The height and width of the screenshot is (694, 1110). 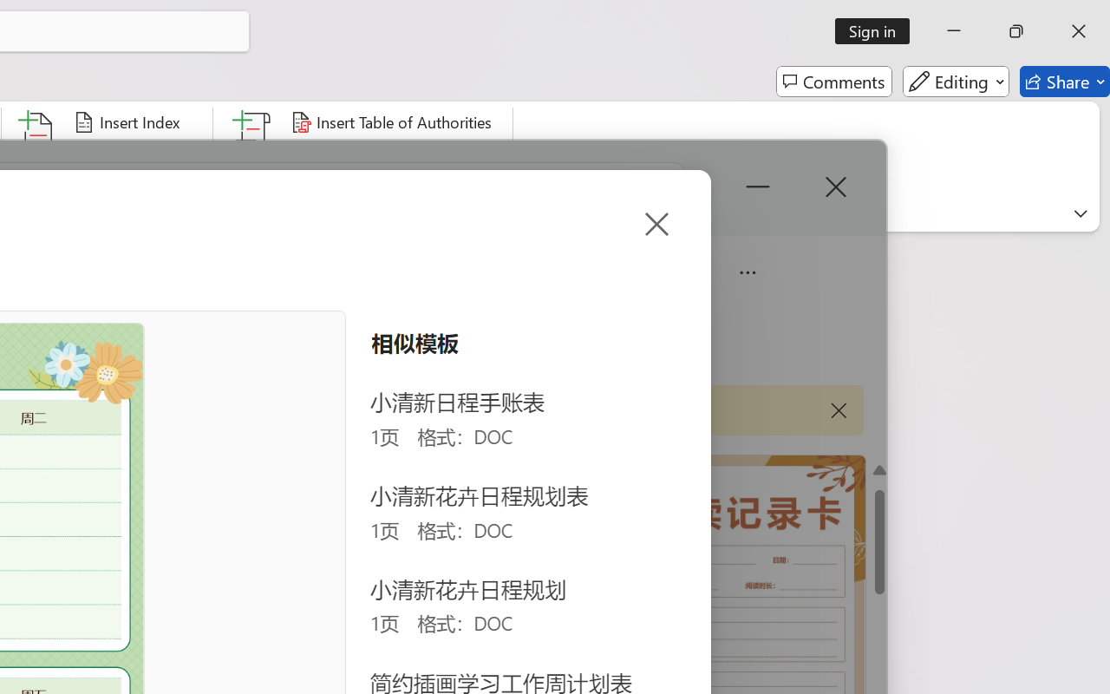 What do you see at coordinates (252, 155) in the screenshot?
I see `'Mark Citation...'` at bounding box center [252, 155].